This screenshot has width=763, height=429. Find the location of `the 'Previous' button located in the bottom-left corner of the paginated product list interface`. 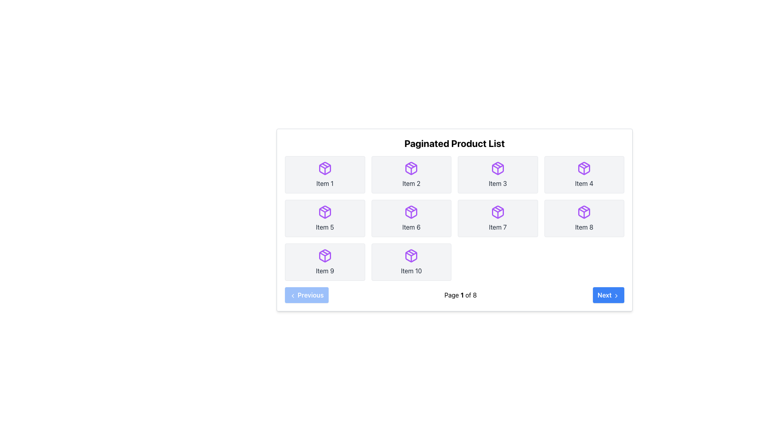

the 'Previous' button located in the bottom-left corner of the paginated product list interface is located at coordinates (306, 295).